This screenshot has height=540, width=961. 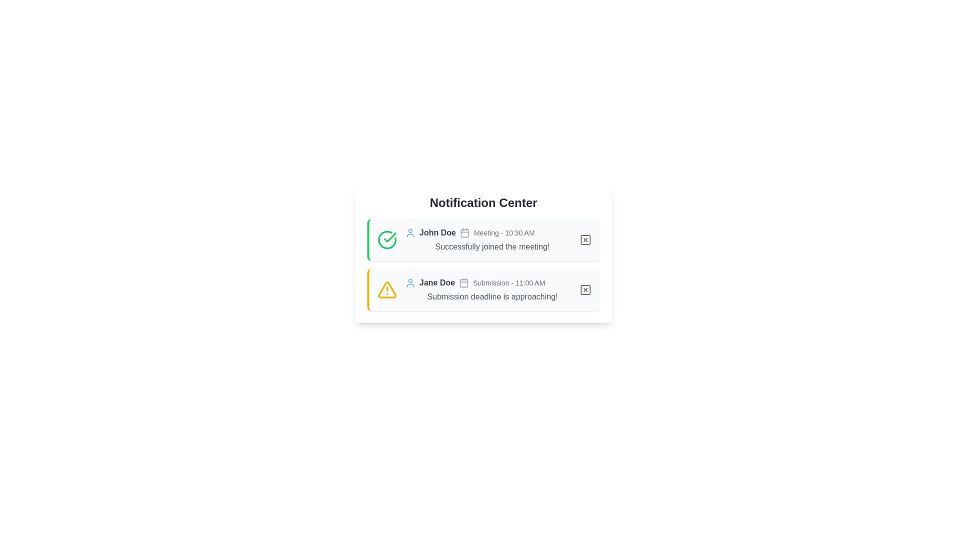 I want to click on the status update text element indicating successful meeting joining, located below the information bar for 'John Doe', so click(x=492, y=246).